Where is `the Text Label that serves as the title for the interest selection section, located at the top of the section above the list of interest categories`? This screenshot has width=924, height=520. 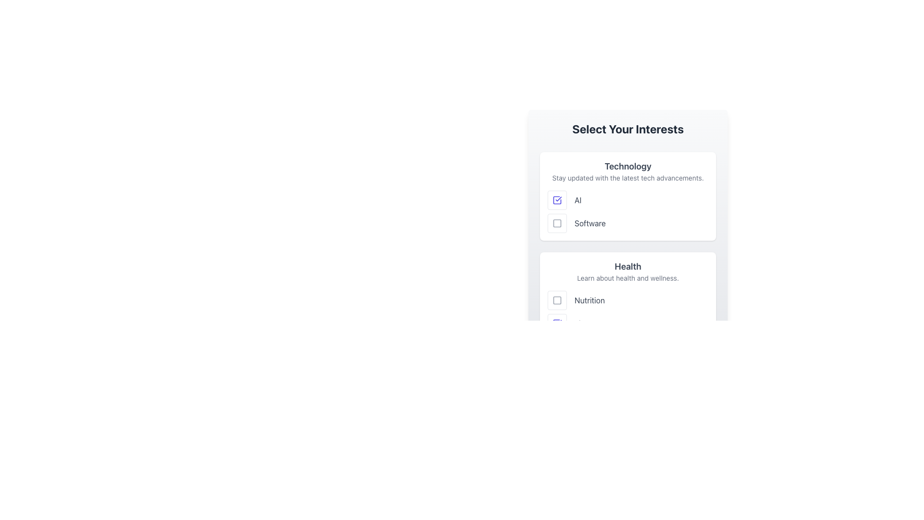
the Text Label that serves as the title for the interest selection section, located at the top of the section above the list of interest categories is located at coordinates (628, 128).